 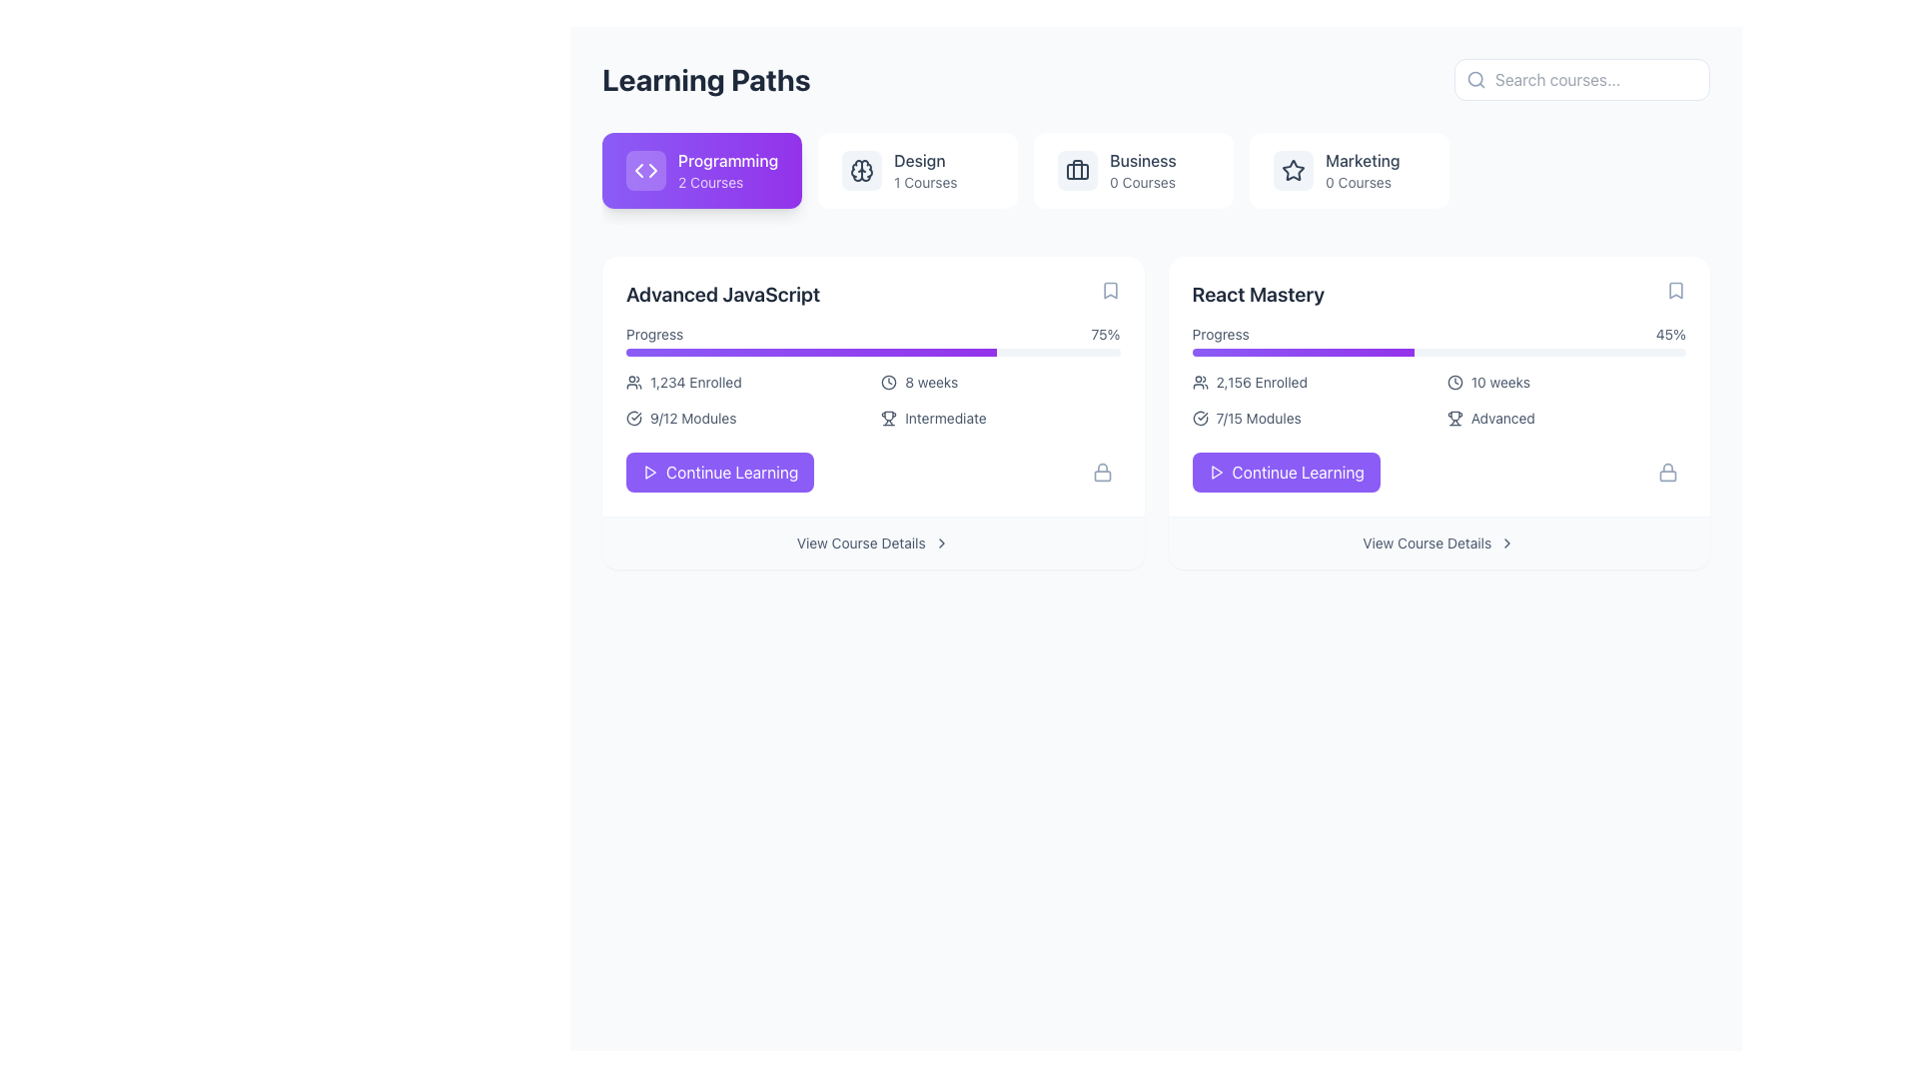 I want to click on text content of the 'React Mastery' label, which is a bold, large-sized text in dark slate color, prominently displayed at the top of the course card, so click(x=1257, y=294).